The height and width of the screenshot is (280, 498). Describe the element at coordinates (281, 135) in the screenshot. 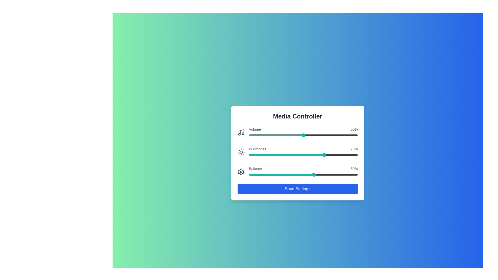

I see `the volume slider to 30% by dragging the slider handle` at that location.